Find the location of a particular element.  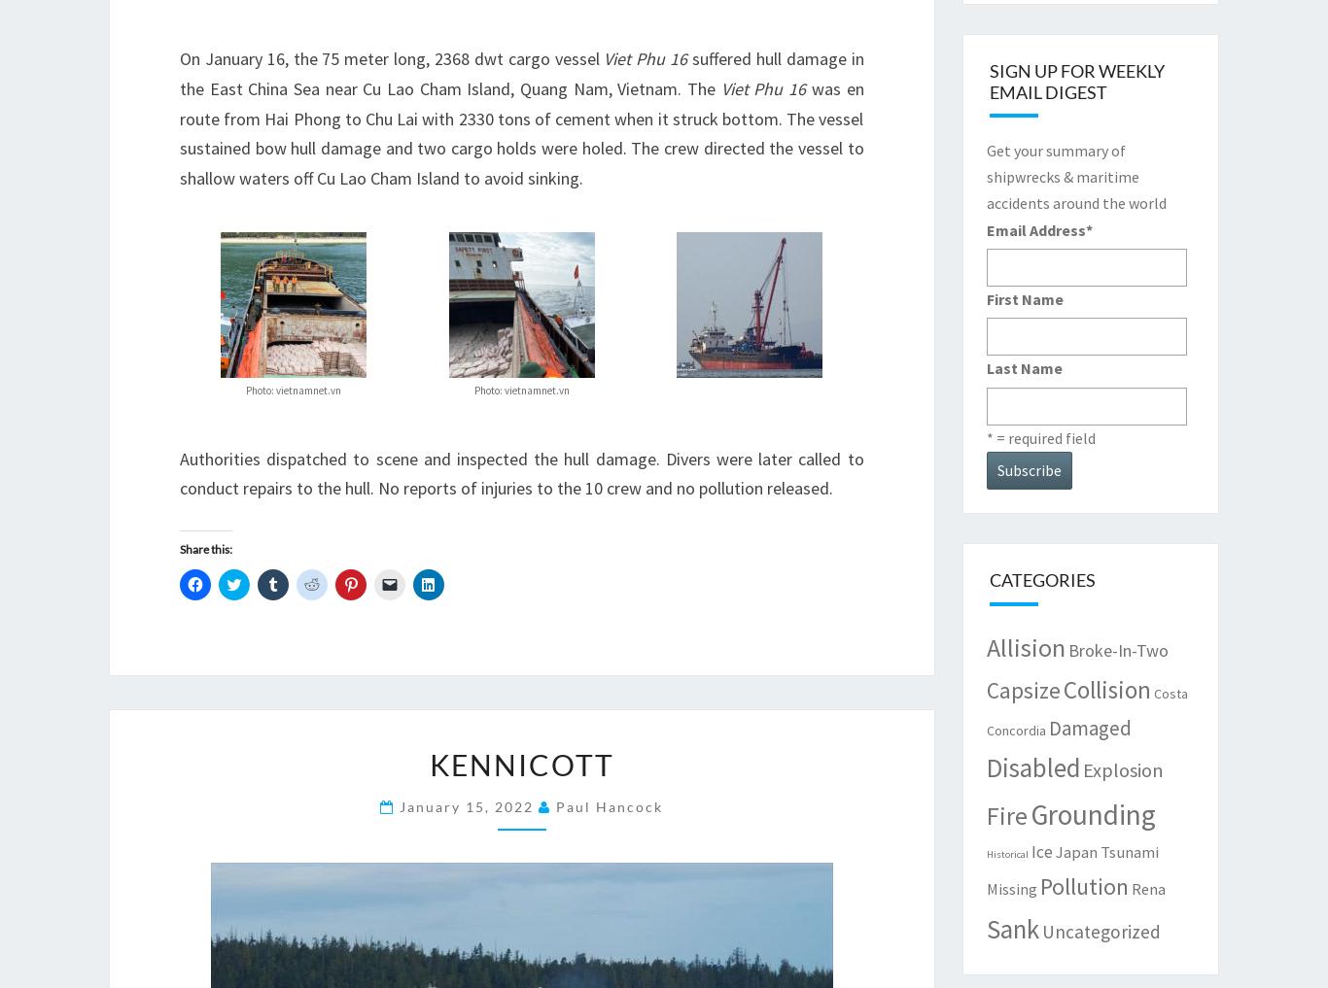

'Grounding' is located at coordinates (1091, 812).